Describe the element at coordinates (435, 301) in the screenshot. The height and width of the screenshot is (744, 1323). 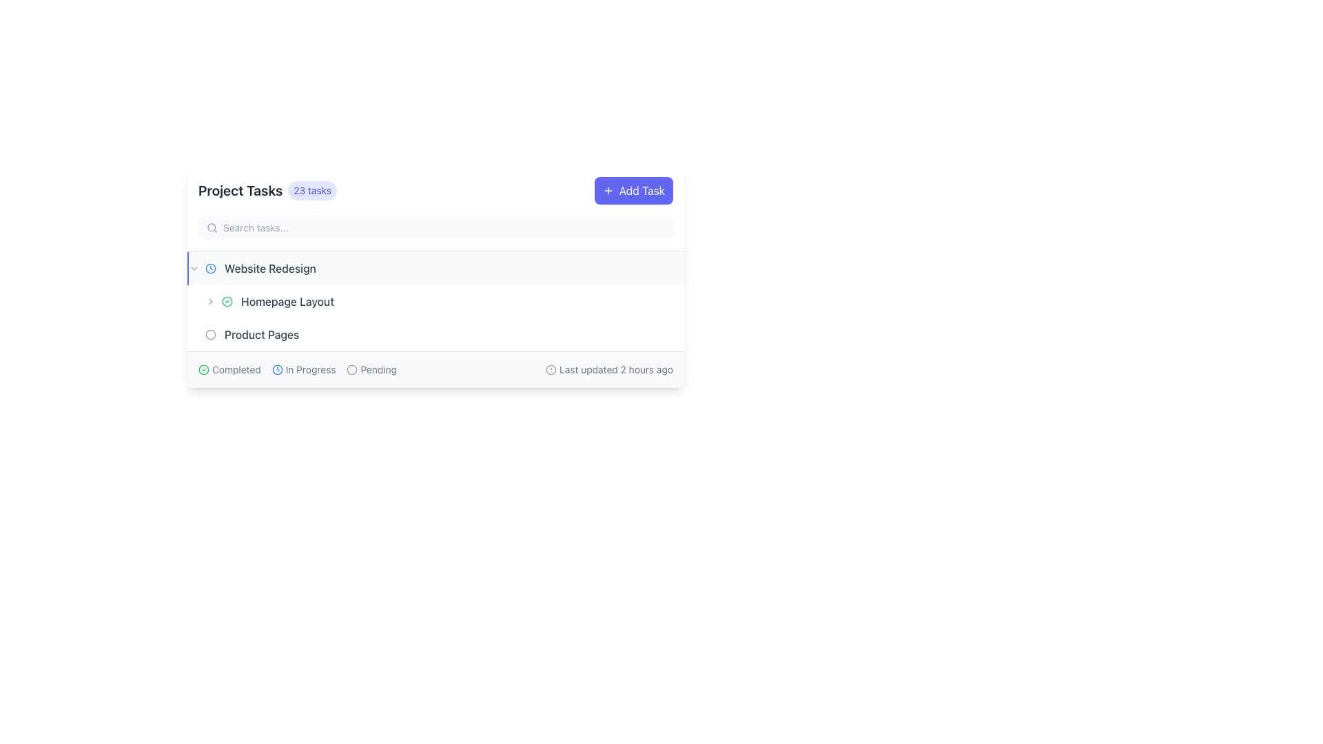
I see `the second task entry in the task list, which is located between 'Website Redesign' and 'Product Pages'` at that location.